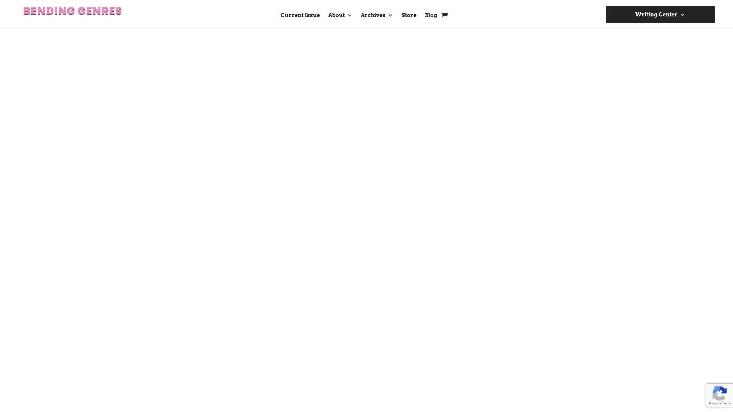 Image resolution: width=733 pixels, height=412 pixels. I want to click on Search, so click(560, 159).